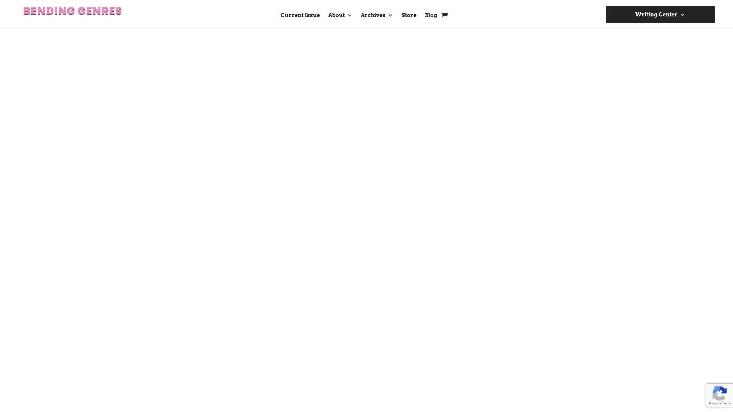 Image resolution: width=733 pixels, height=412 pixels. I want to click on Search, so click(560, 159).